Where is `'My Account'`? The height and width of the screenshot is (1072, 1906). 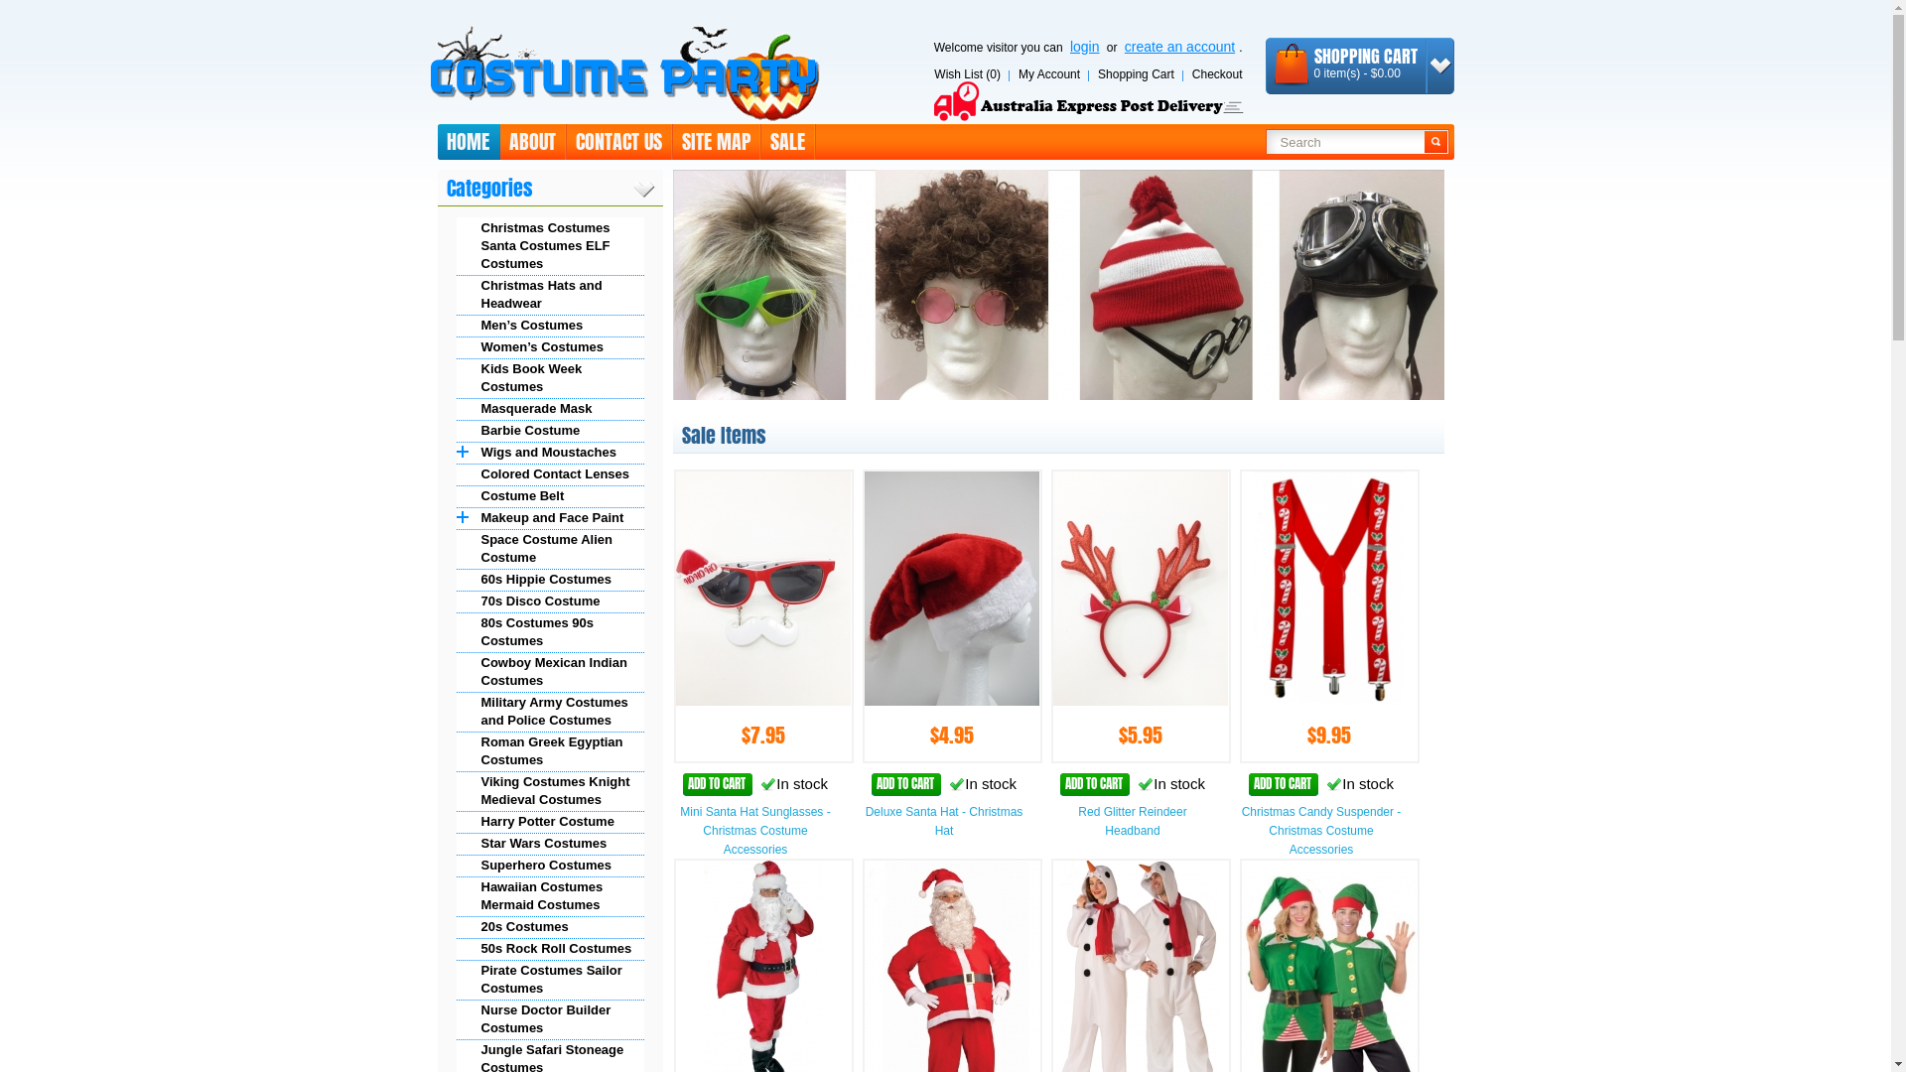
'My Account' is located at coordinates (1019, 73).